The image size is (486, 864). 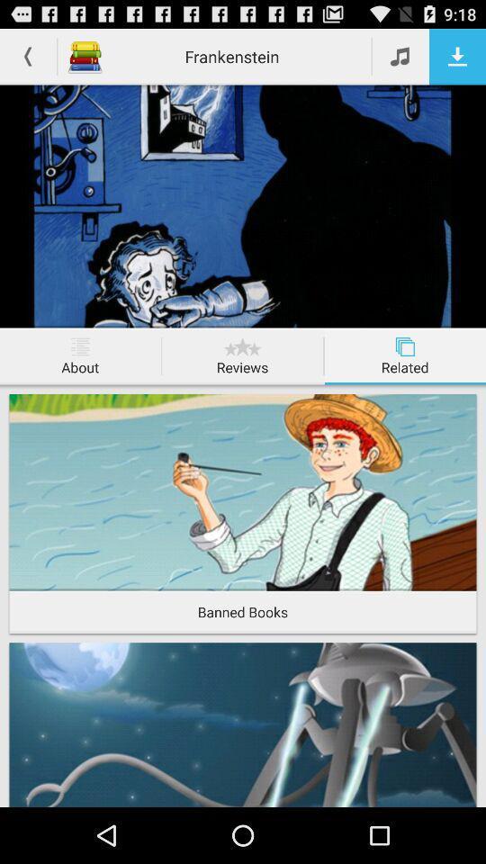 I want to click on go back, so click(x=27, y=56).